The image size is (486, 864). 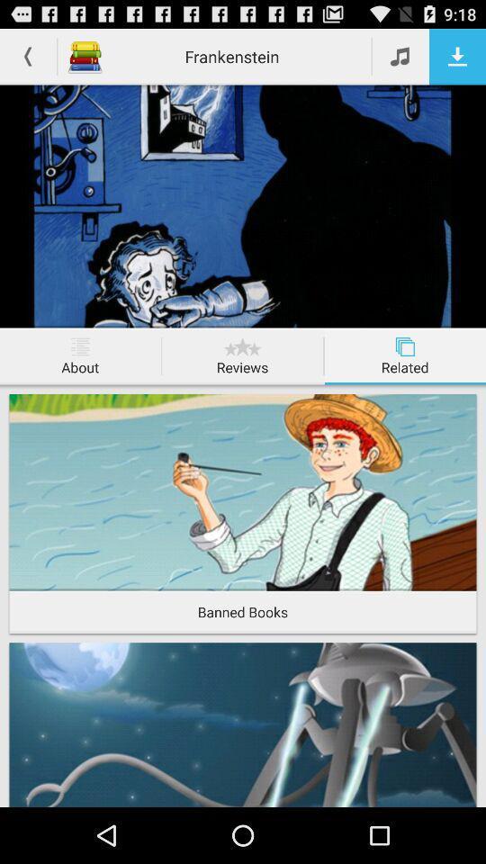 I want to click on go back, so click(x=27, y=56).